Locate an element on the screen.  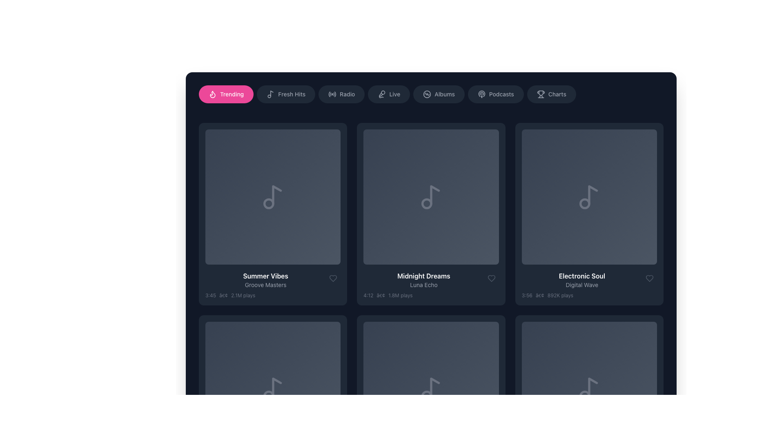
the play button for multimedia content is located at coordinates (431, 214).